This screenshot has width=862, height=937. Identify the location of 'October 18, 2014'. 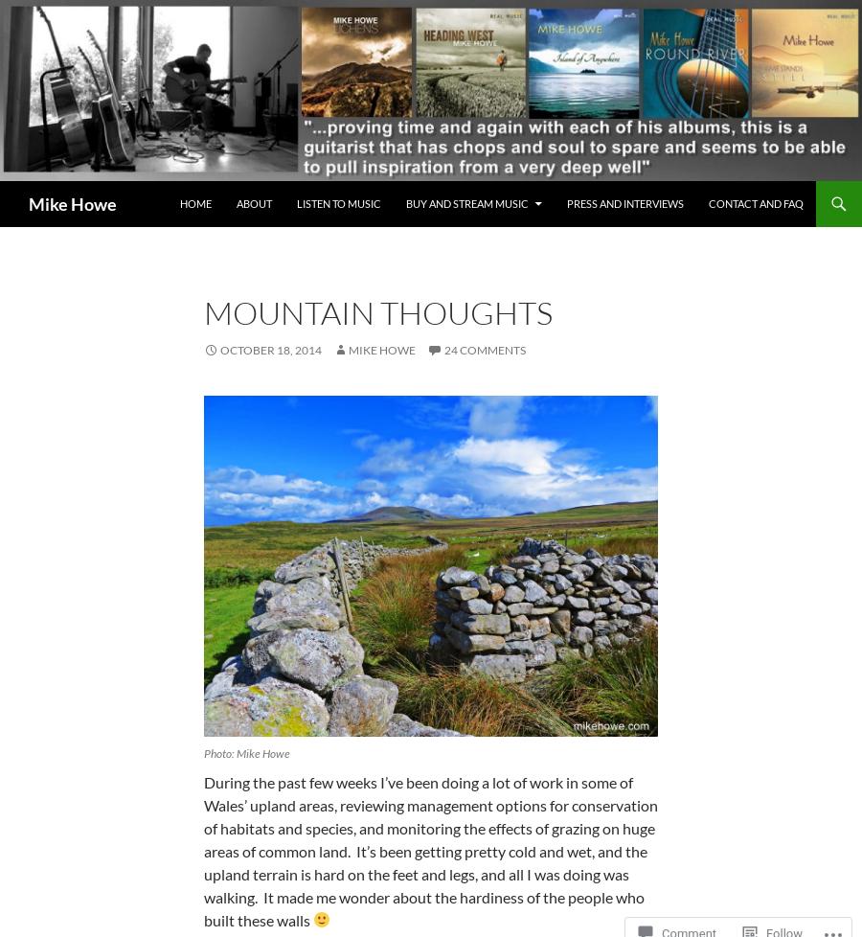
(219, 349).